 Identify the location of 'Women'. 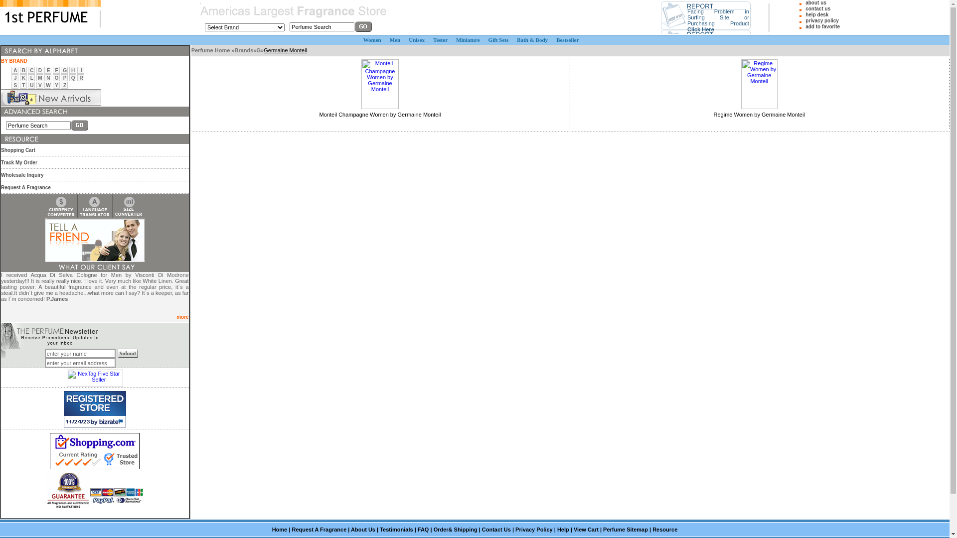
(372, 39).